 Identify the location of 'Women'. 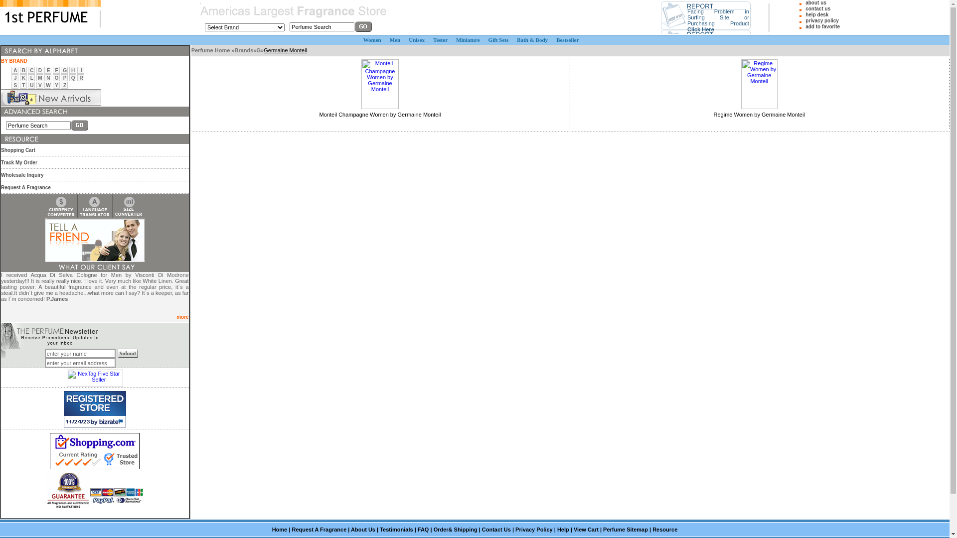
(372, 39).